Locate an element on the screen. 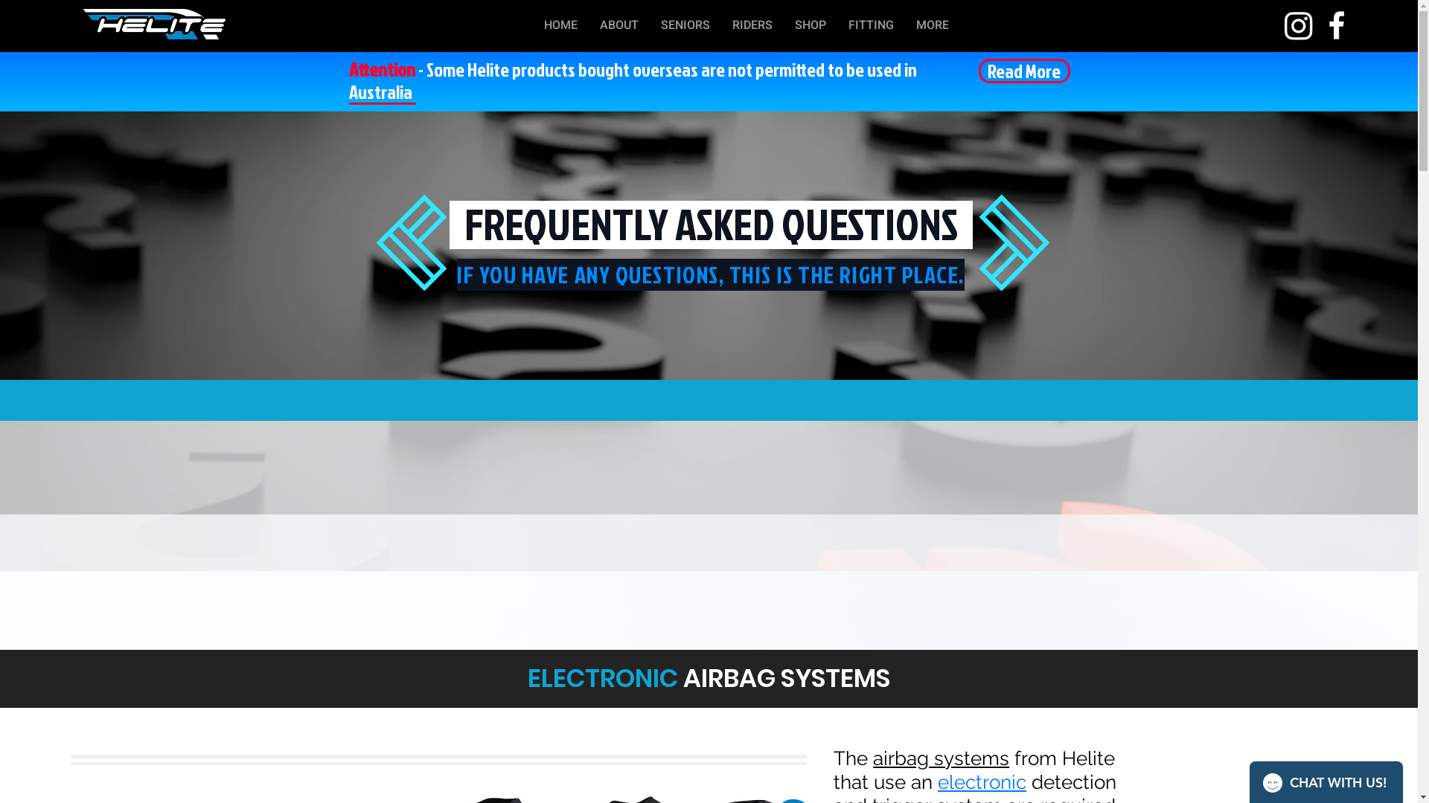  'RIDERS' is located at coordinates (752, 25).